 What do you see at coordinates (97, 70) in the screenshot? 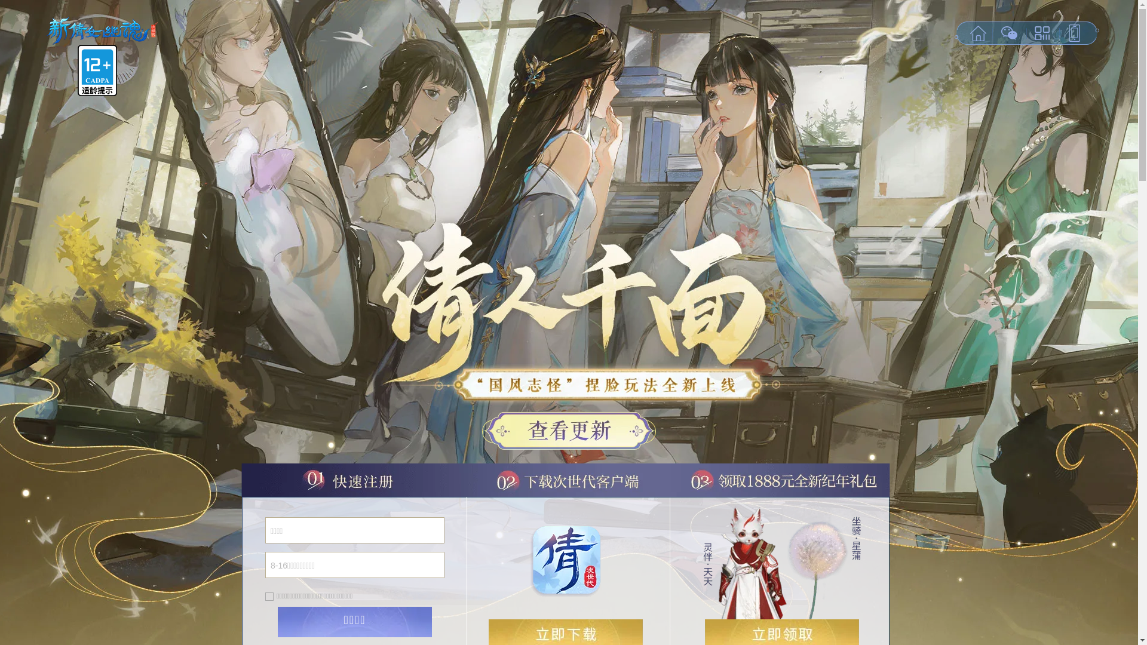
I see `'12+'` at bounding box center [97, 70].